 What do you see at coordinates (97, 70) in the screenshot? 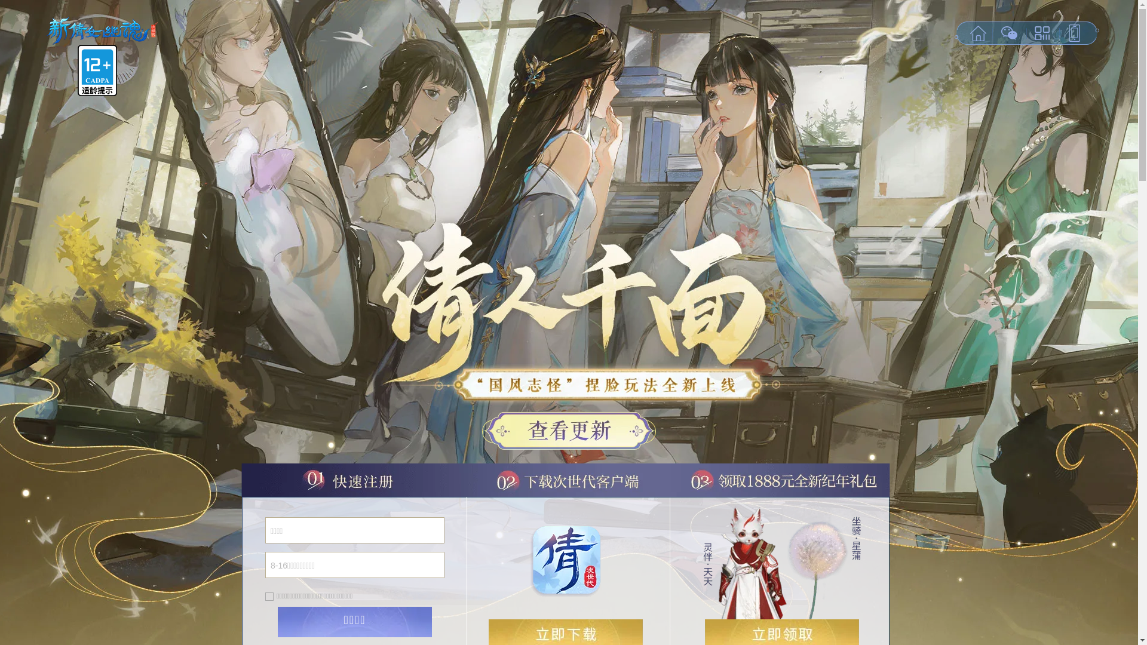
I see `'12+'` at bounding box center [97, 70].